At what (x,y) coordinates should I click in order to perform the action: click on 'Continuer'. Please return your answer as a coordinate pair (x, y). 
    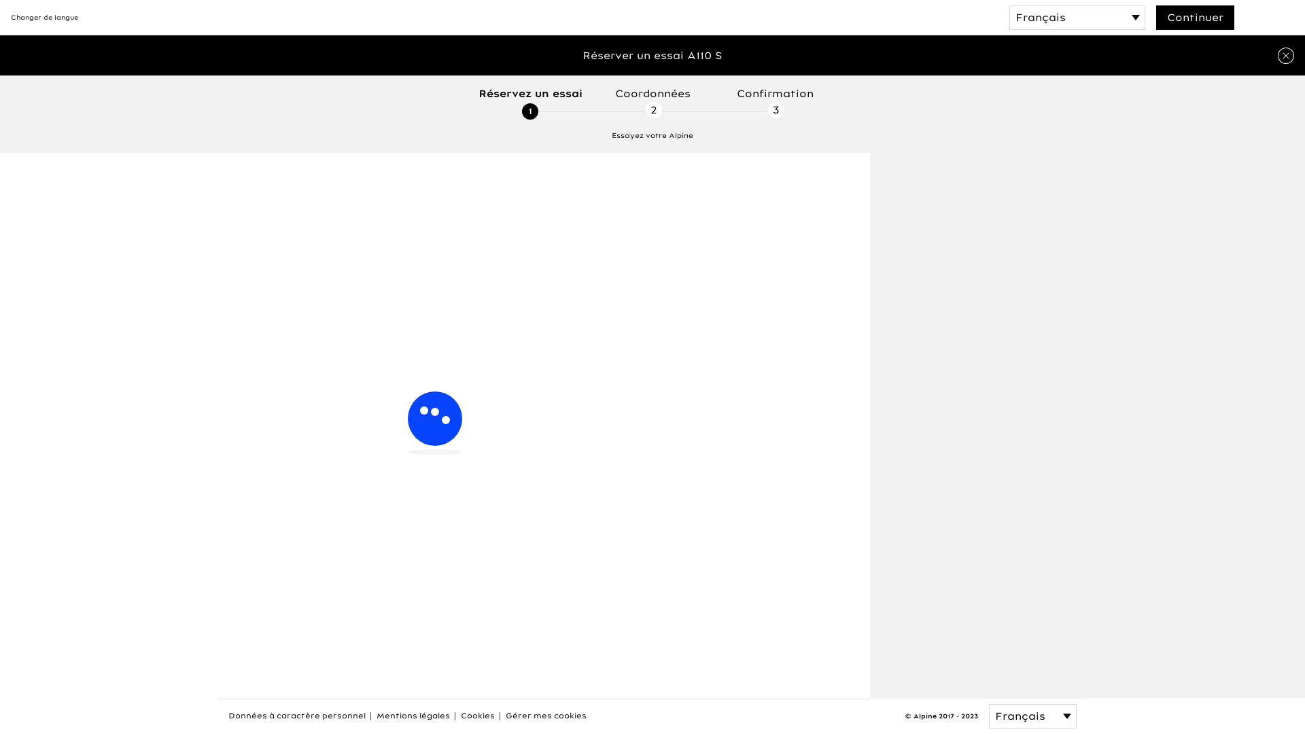
    Looking at the image, I should click on (1194, 18).